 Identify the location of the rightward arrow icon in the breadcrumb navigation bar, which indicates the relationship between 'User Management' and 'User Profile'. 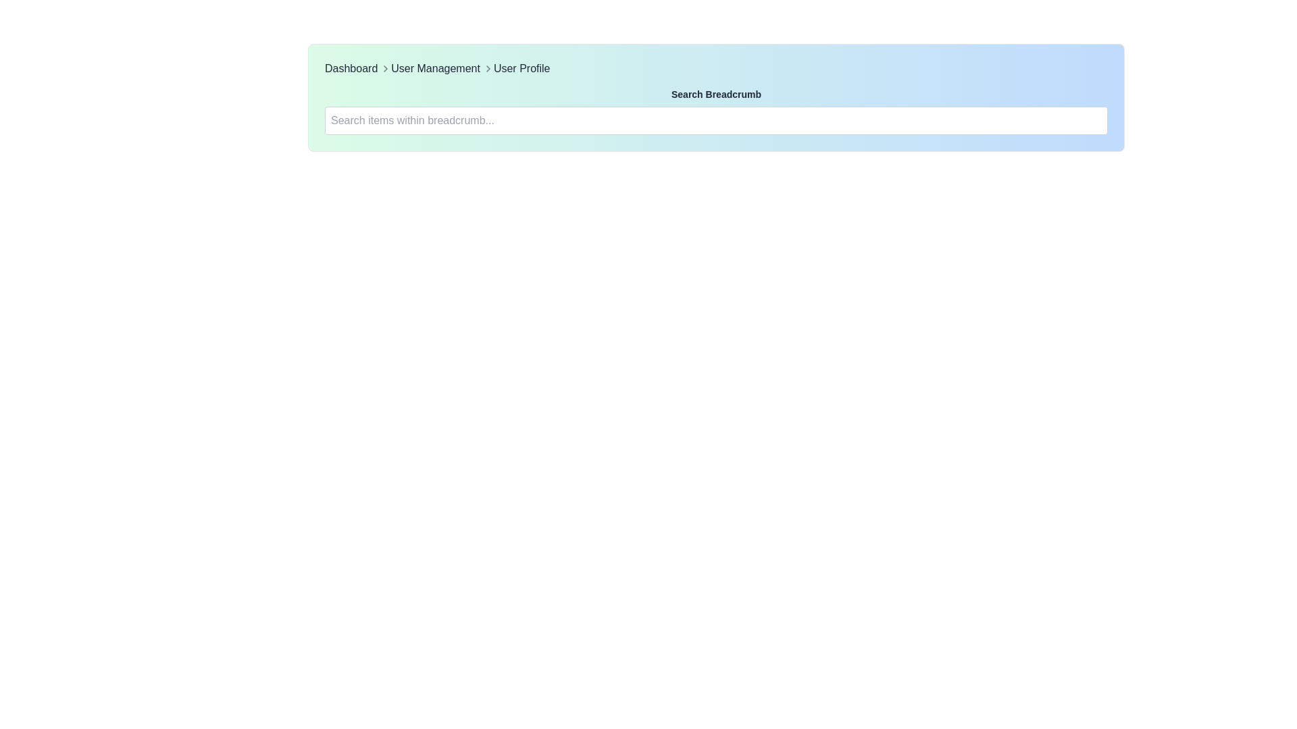
(487, 68).